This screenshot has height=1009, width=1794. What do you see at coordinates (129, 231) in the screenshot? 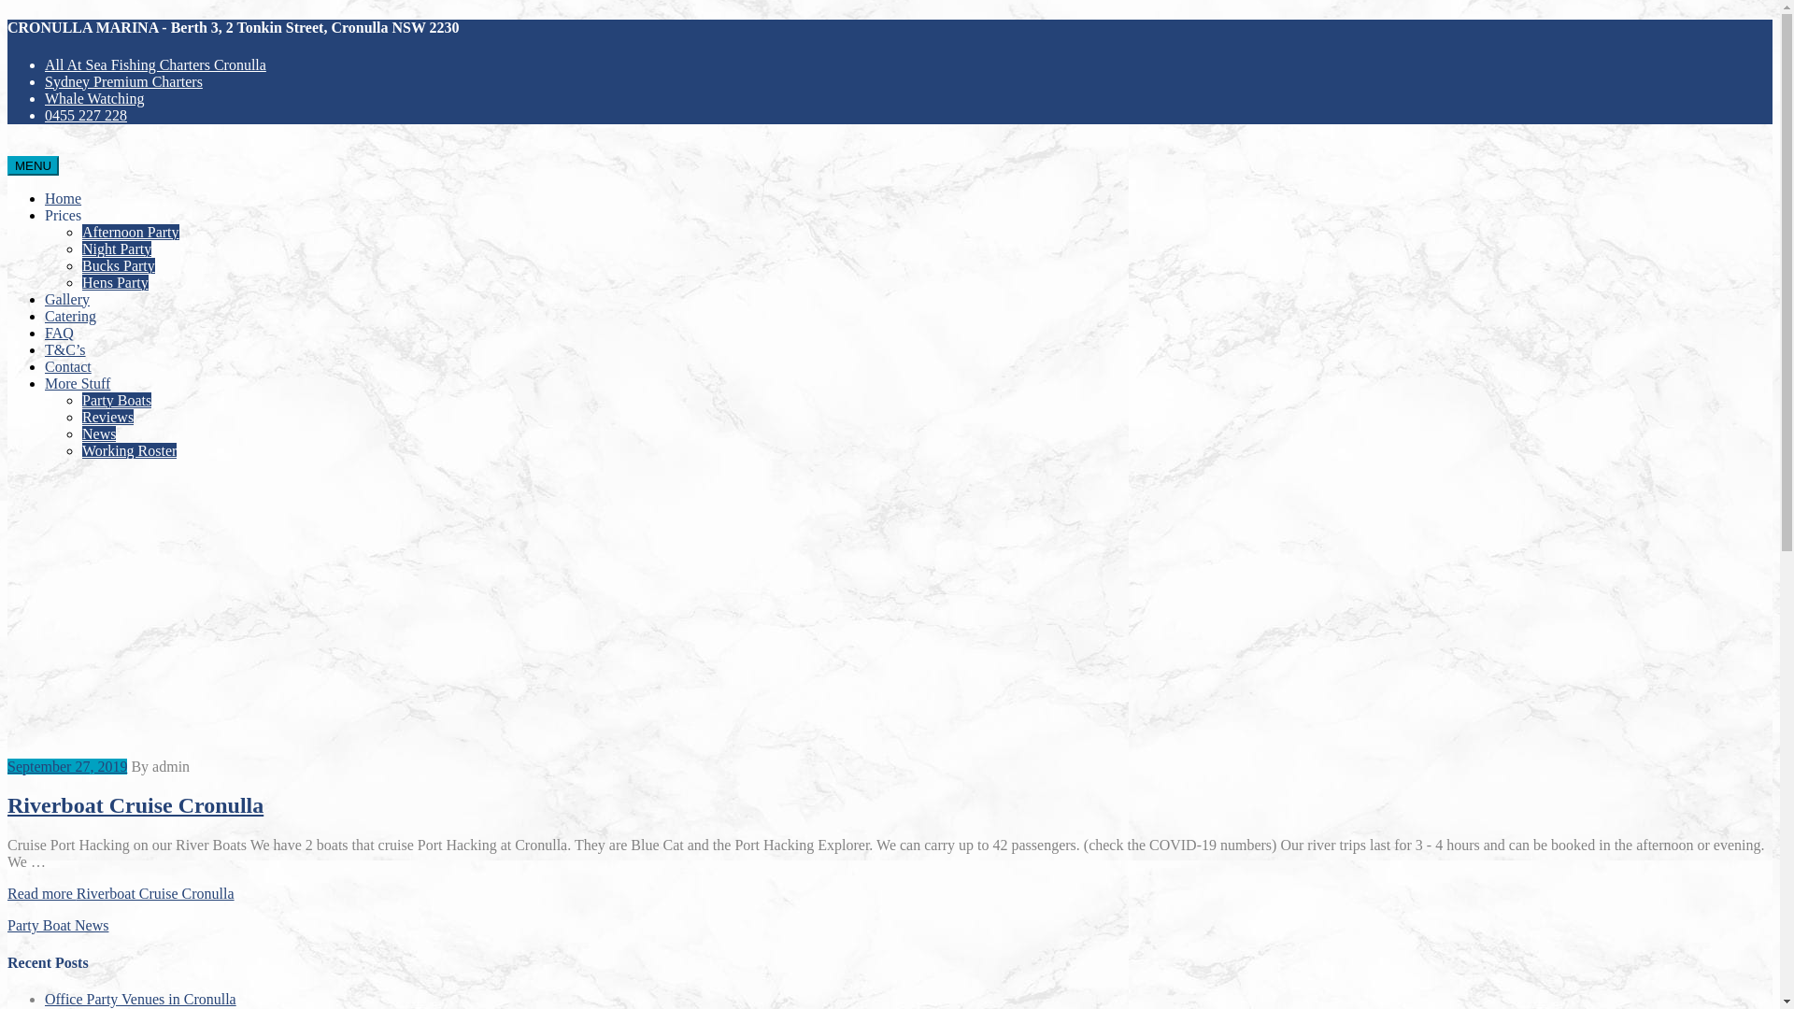
I see `'Afternoon Party'` at bounding box center [129, 231].